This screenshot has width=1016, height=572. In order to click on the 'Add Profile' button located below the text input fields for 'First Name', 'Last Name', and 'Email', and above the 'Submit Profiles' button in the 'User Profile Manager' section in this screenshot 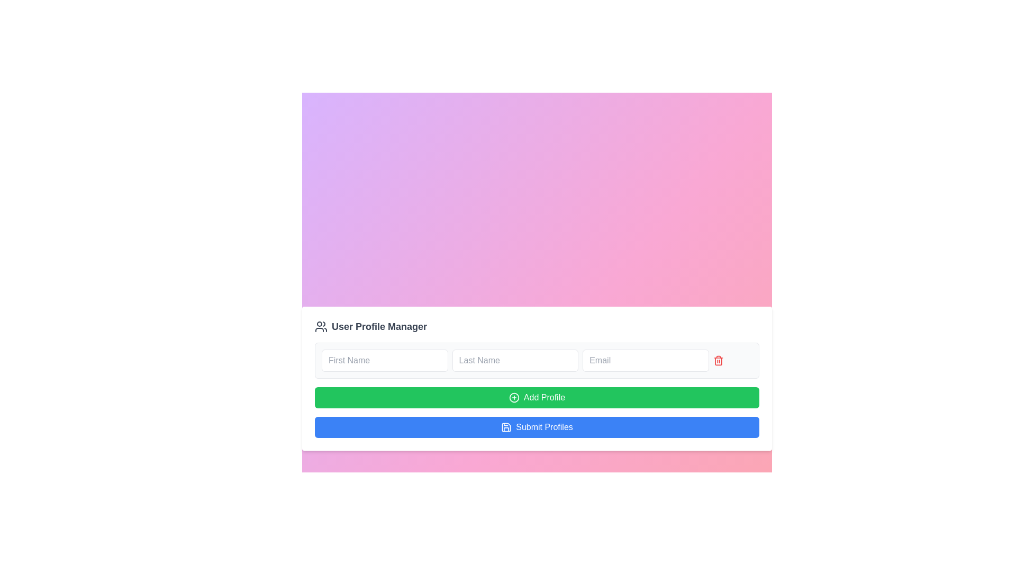, I will do `click(537, 390)`.